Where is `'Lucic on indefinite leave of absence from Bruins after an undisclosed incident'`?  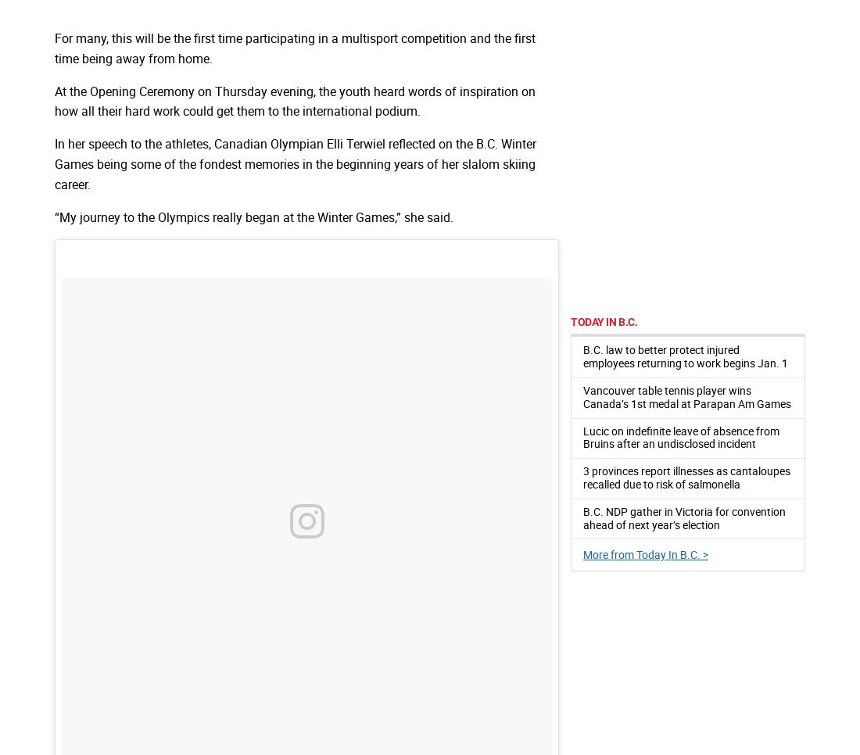 'Lucic on indefinite leave of absence from Bruins after an undisclosed incident' is located at coordinates (680, 436).